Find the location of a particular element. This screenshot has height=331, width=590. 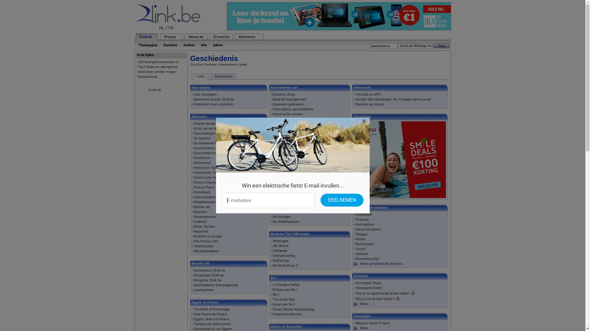

'Links' is located at coordinates (200, 76).